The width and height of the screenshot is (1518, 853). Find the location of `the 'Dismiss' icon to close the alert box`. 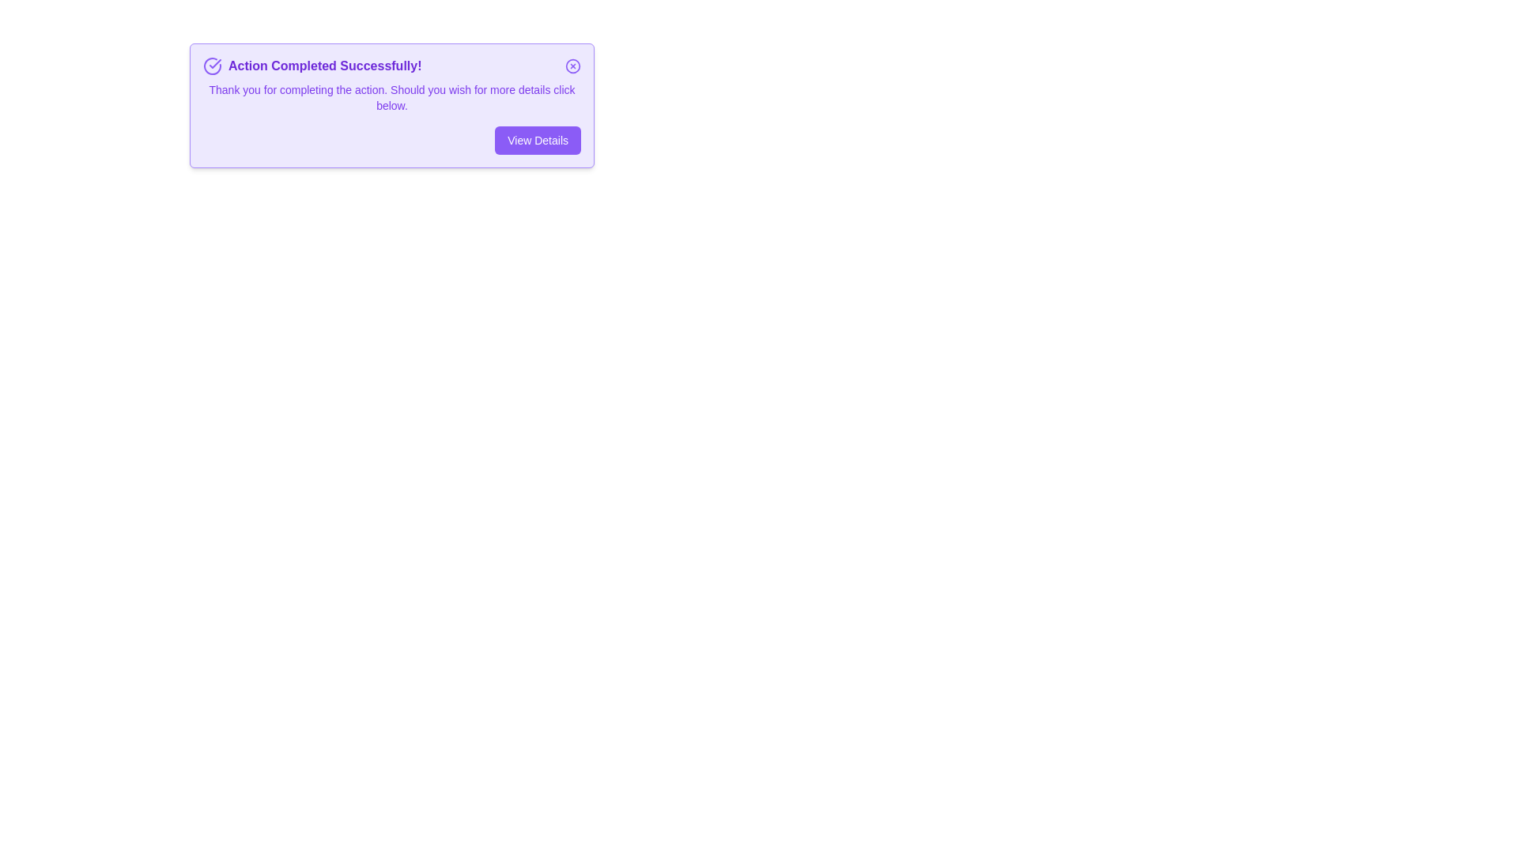

the 'Dismiss' icon to close the alert box is located at coordinates (572, 66).